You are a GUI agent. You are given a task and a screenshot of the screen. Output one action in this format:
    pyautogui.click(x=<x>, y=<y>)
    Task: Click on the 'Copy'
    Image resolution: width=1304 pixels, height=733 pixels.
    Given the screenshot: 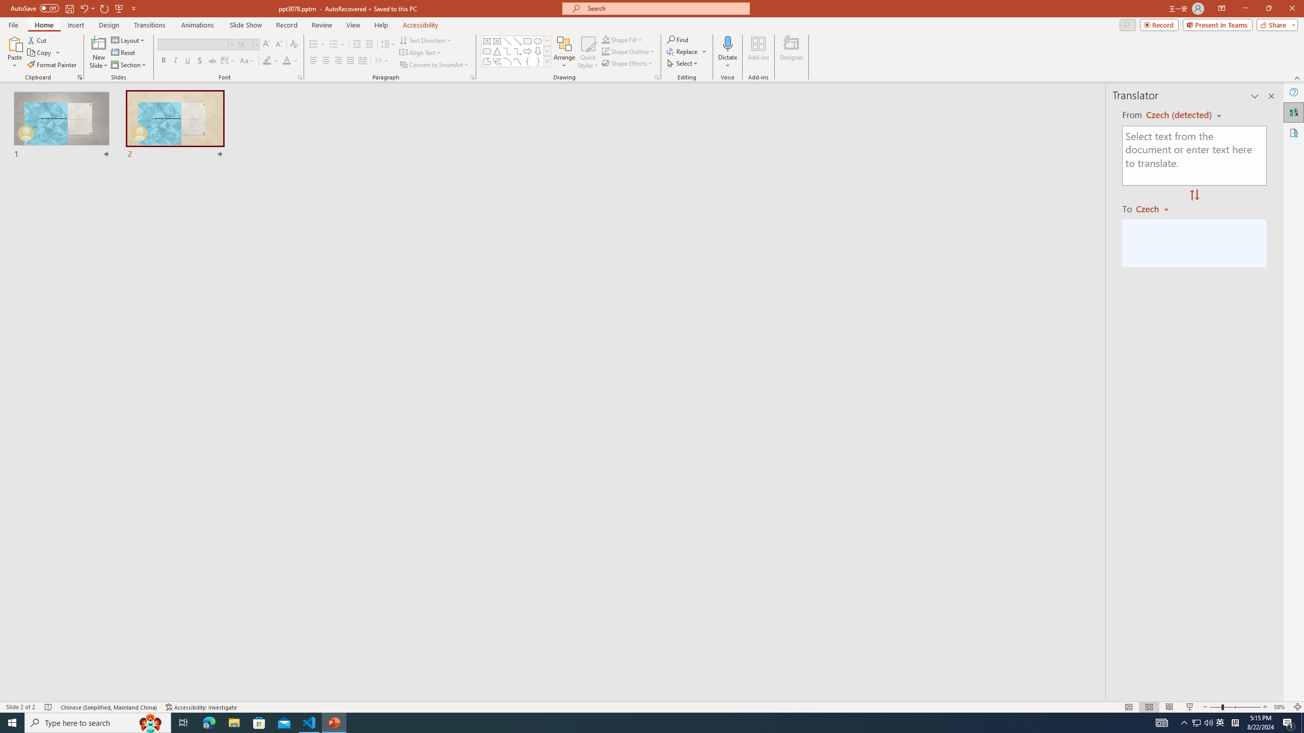 What is the action you would take?
    pyautogui.click(x=44, y=52)
    